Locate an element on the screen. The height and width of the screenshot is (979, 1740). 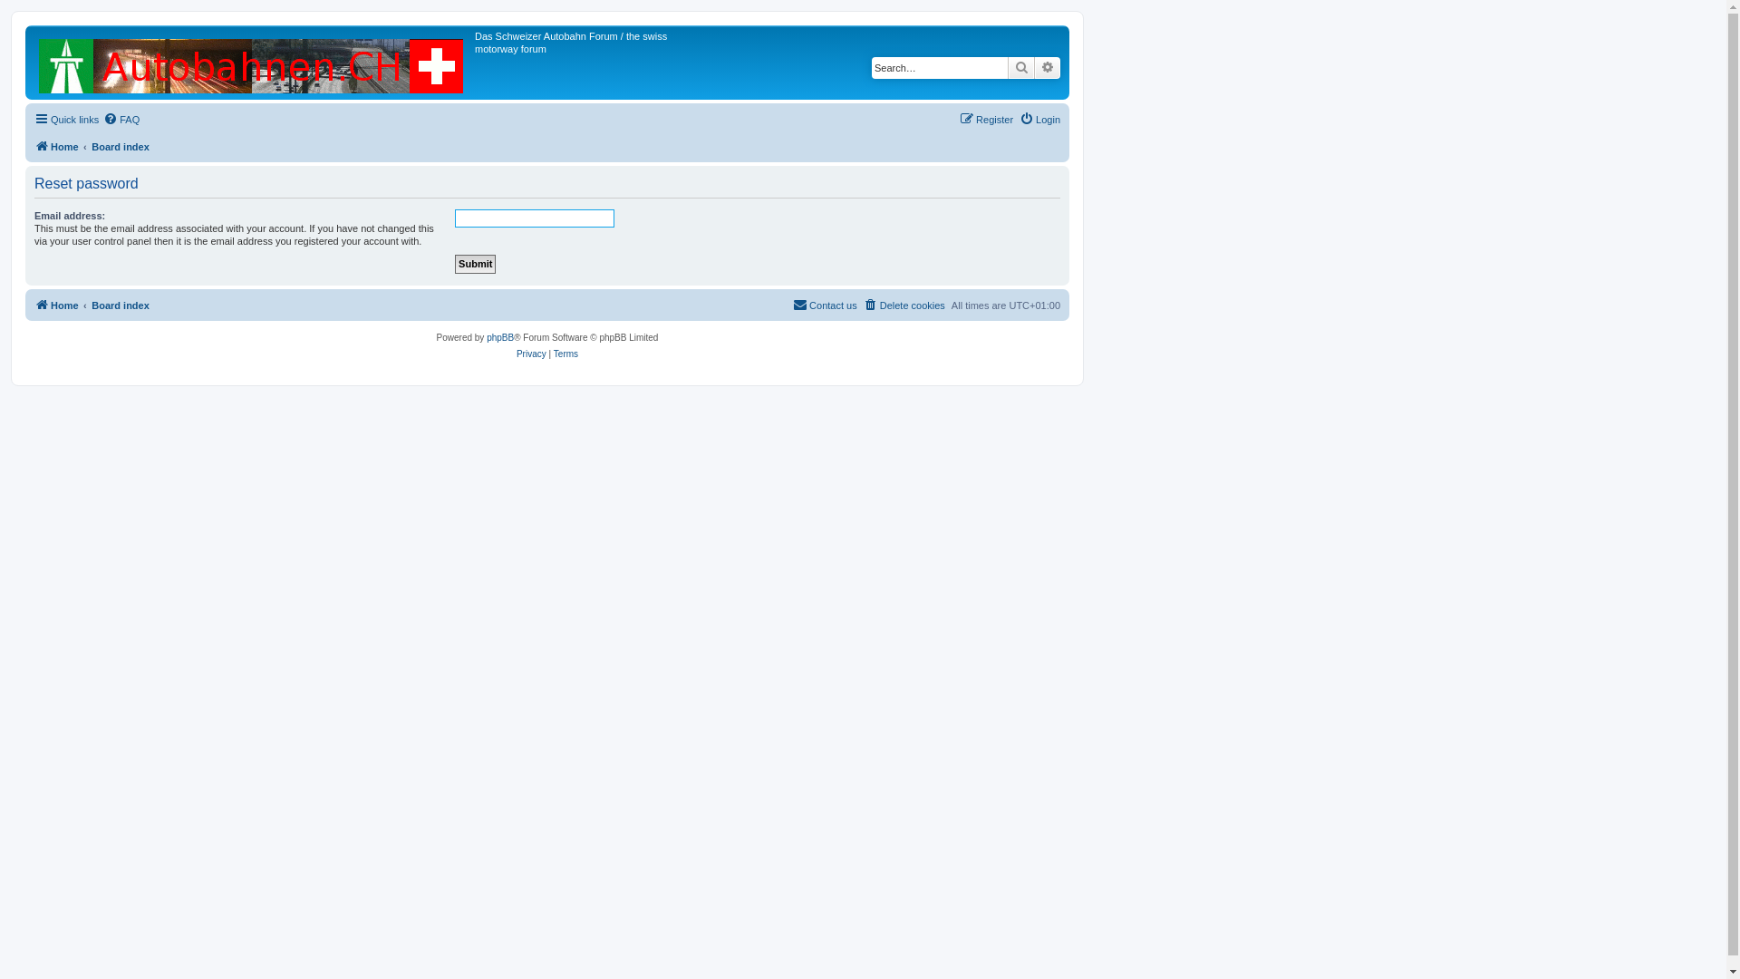
'Search for keywords' is located at coordinates (939, 66).